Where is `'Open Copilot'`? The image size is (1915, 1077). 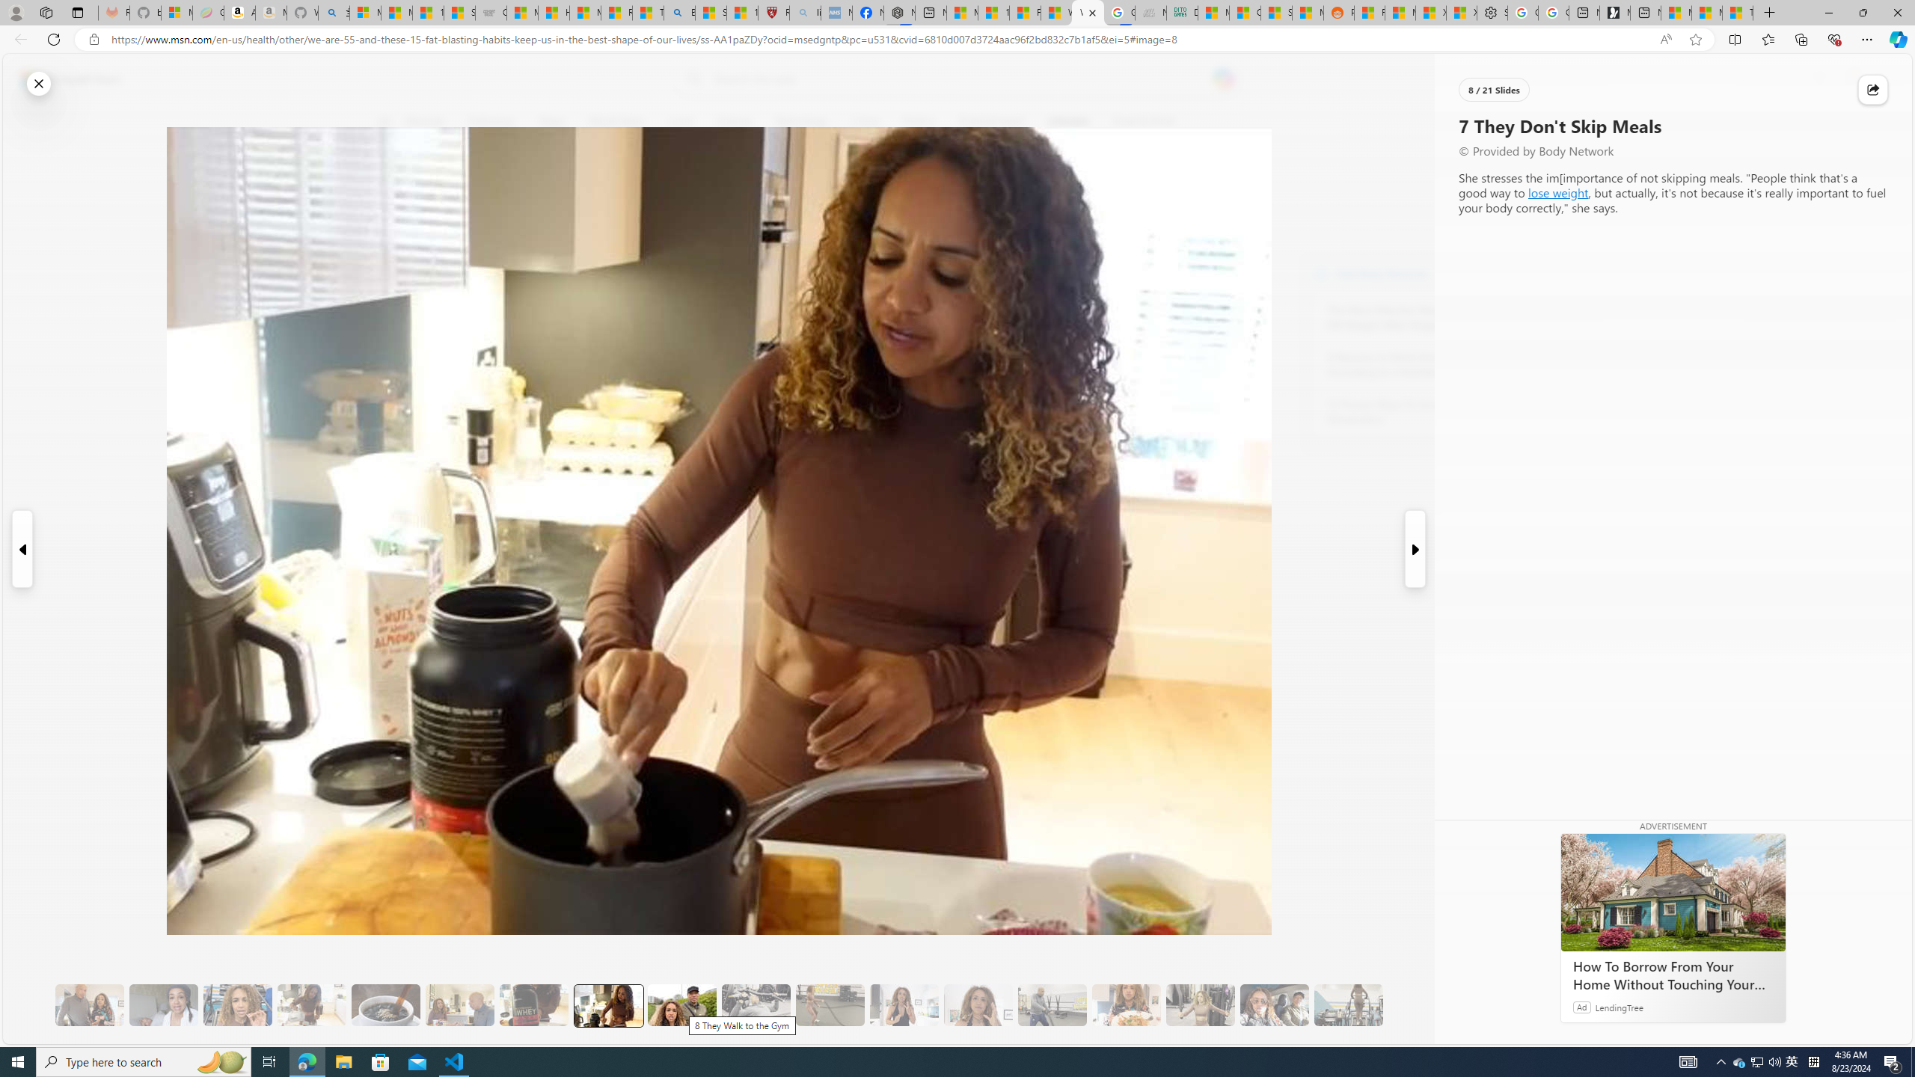
'Open Copilot' is located at coordinates (1222, 78).